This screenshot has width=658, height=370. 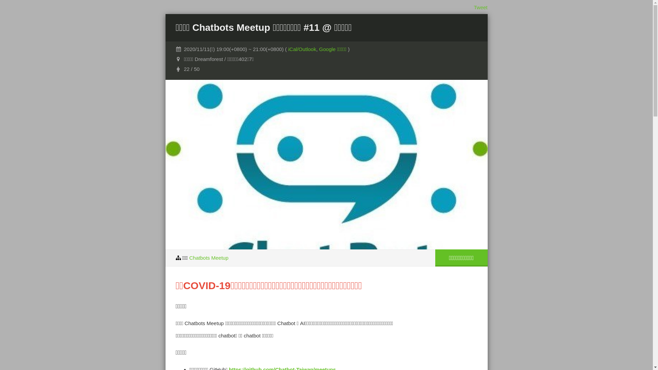 What do you see at coordinates (189, 258) in the screenshot?
I see `'Chatbots Meetup'` at bounding box center [189, 258].